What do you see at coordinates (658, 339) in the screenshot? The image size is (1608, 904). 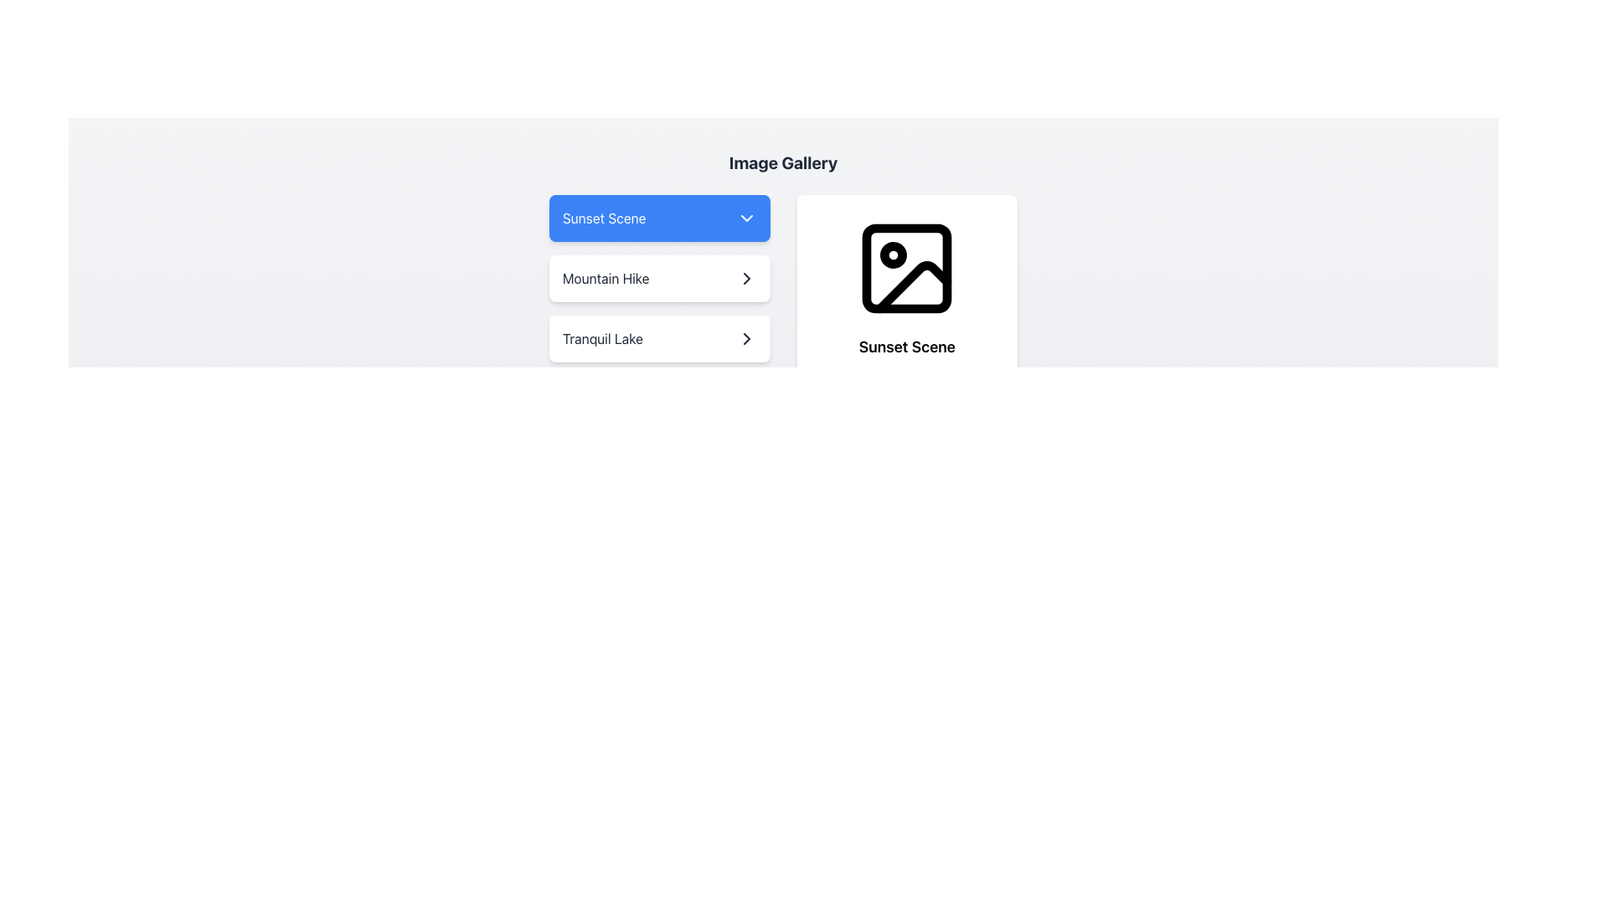 I see `to select or activate the 'Tranquil Lake' selectable list item, which is the third item in a vertically stacked list within the 'Image Gallery'` at bounding box center [658, 339].